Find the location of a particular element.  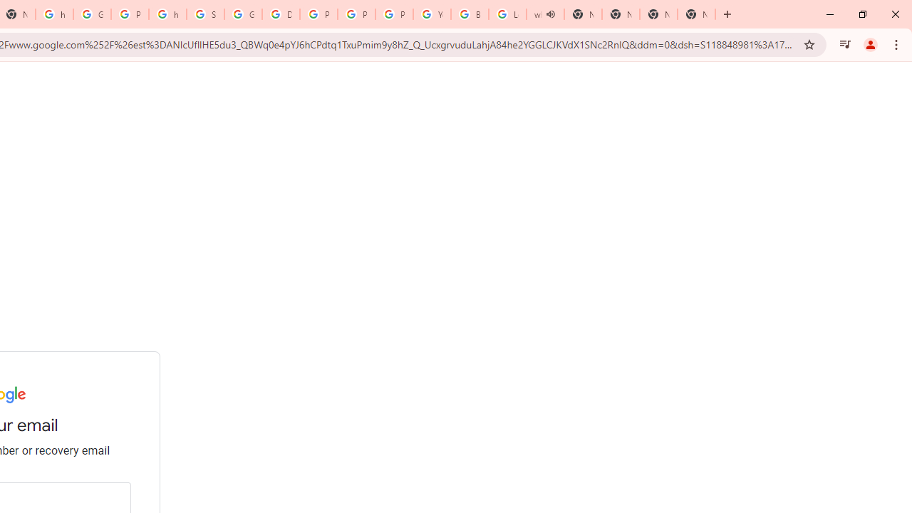

'Sign in - Google Accounts' is located at coordinates (204, 14).